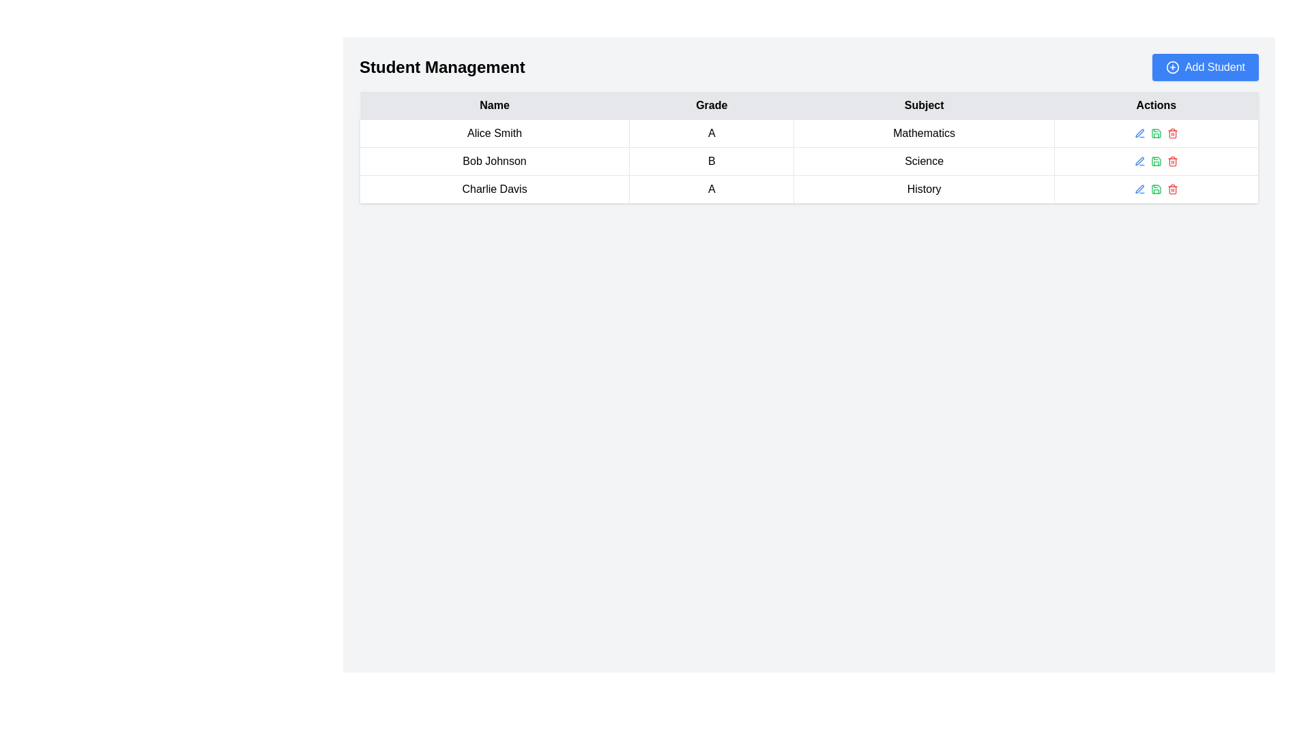 This screenshot has height=736, width=1310. I want to click on the third icon button in the 'Actions' column of the last row in the table, so click(1171, 134).